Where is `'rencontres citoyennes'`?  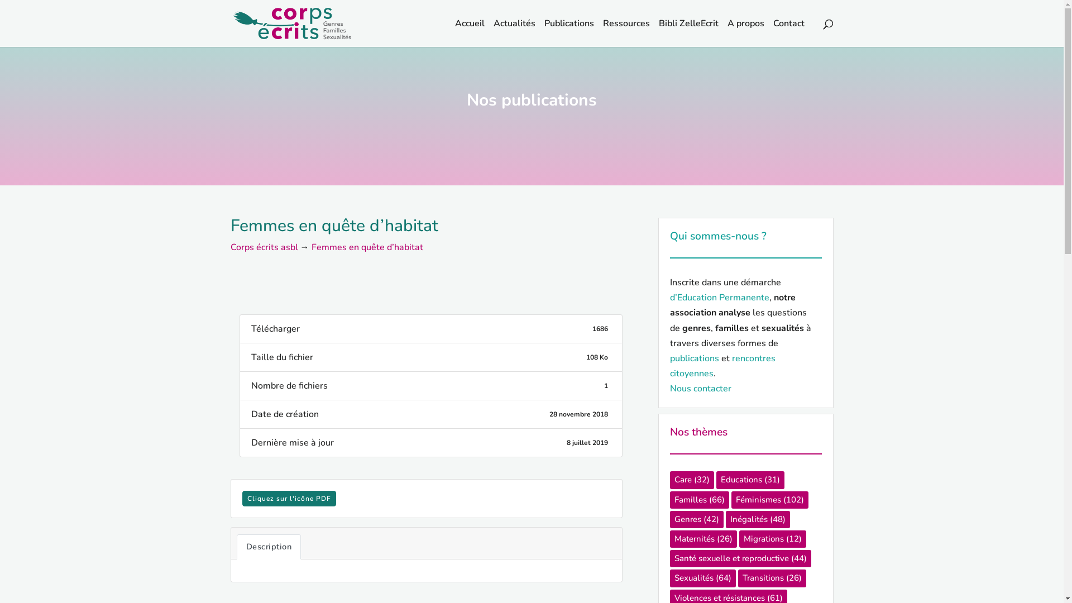
'rencontres citoyennes' is located at coordinates (722, 366).